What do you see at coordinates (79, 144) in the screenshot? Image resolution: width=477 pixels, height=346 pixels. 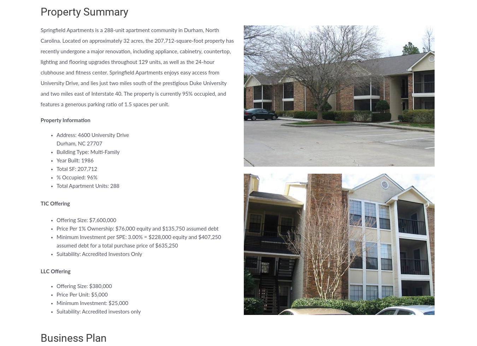 I see `'Durham, NC 27707'` at bounding box center [79, 144].